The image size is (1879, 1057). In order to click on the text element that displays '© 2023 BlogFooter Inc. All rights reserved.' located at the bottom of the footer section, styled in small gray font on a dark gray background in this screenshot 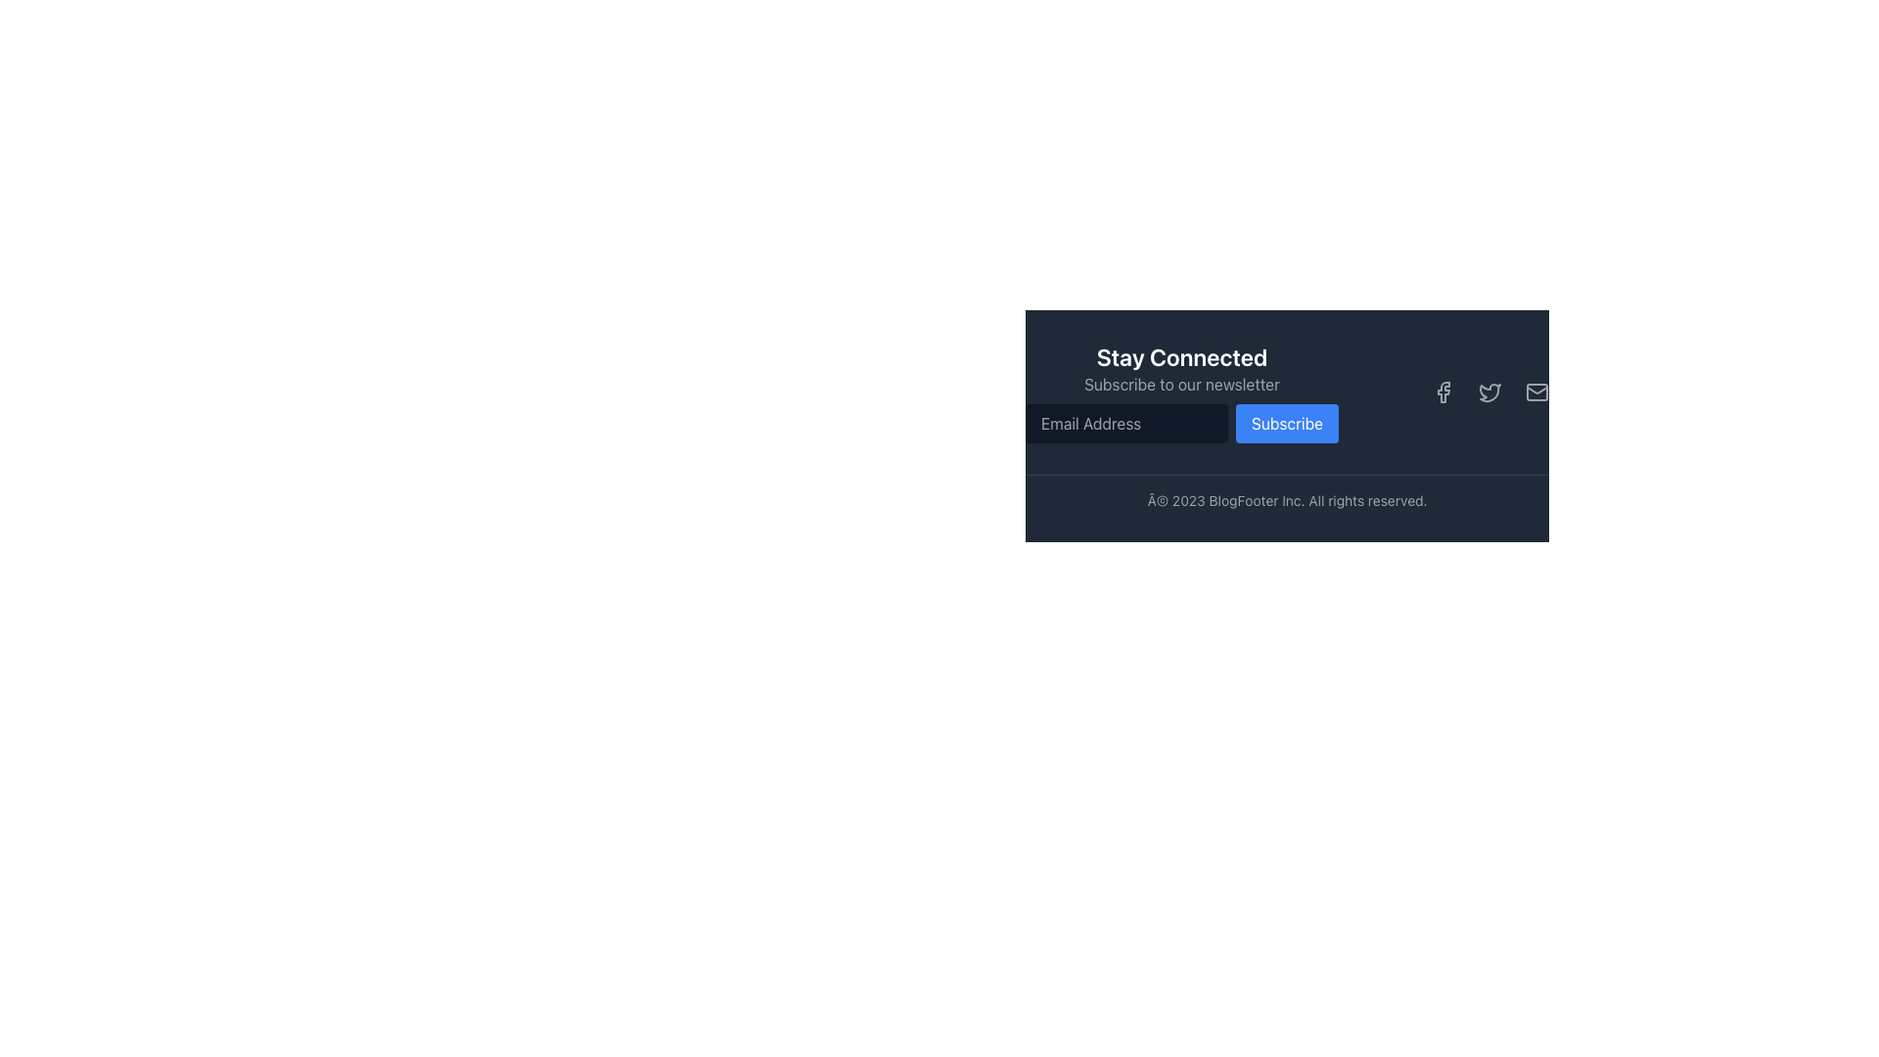, I will do `click(1287, 491)`.